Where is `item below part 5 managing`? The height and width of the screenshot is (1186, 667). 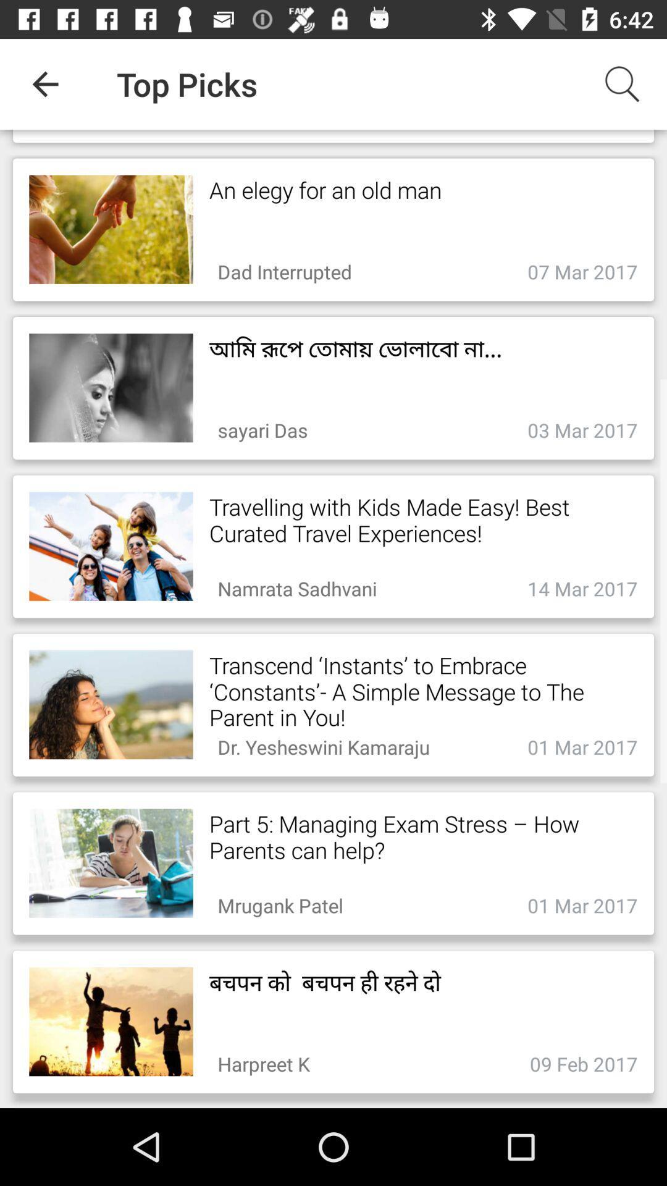 item below part 5 managing is located at coordinates (280, 902).